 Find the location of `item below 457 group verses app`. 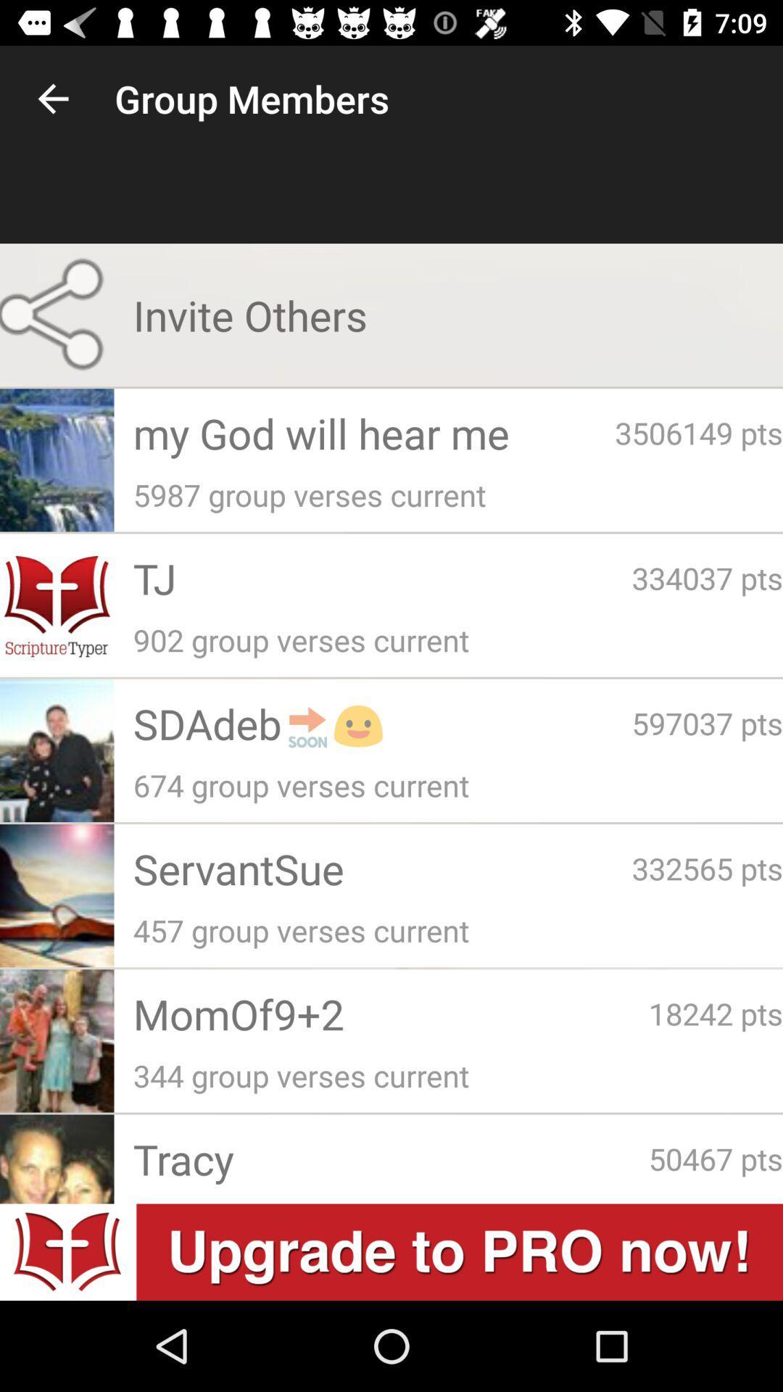

item below 457 group verses app is located at coordinates (715, 1012).